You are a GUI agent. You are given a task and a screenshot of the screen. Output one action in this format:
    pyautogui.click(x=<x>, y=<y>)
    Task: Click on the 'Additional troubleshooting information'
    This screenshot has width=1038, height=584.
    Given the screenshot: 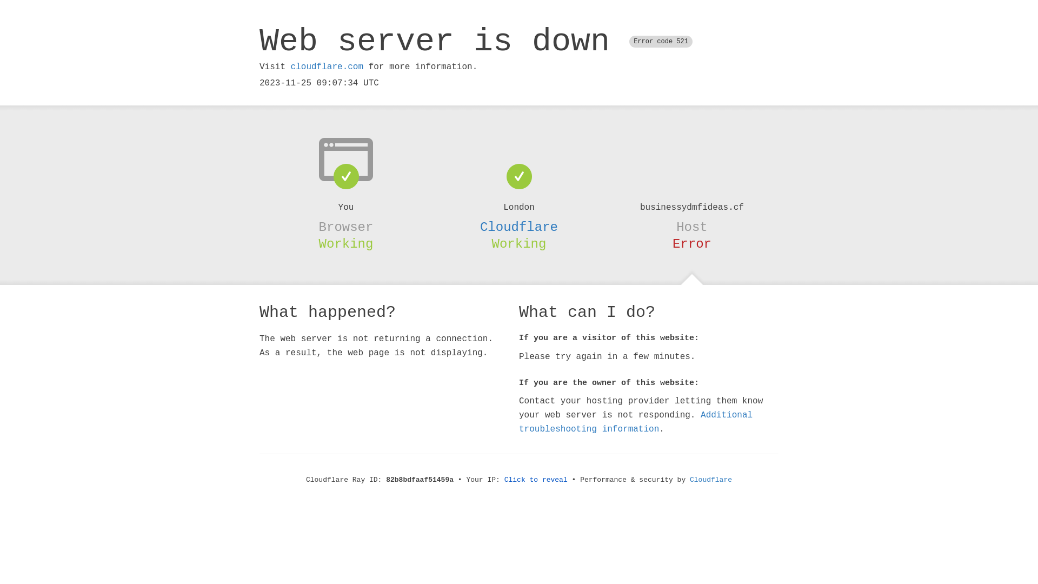 What is the action you would take?
    pyautogui.click(x=636, y=421)
    